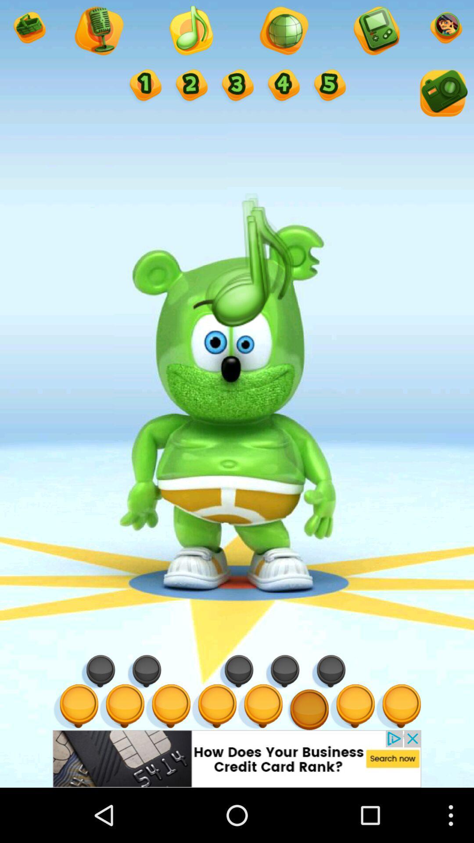  I want to click on option 5, so click(329, 86).